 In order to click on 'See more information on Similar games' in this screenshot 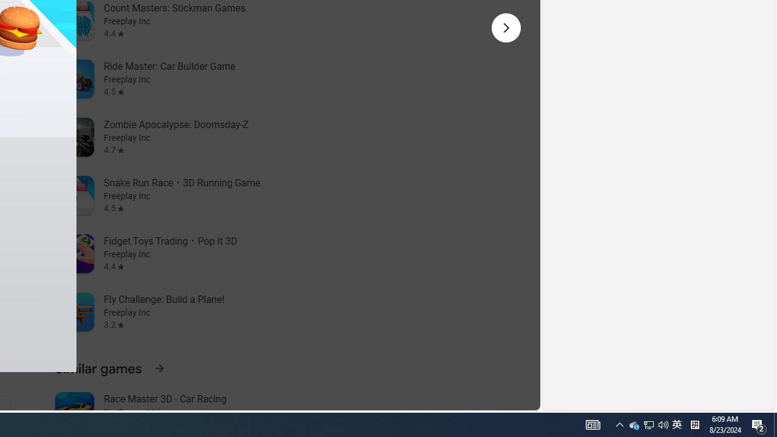, I will do `click(158, 367)`.